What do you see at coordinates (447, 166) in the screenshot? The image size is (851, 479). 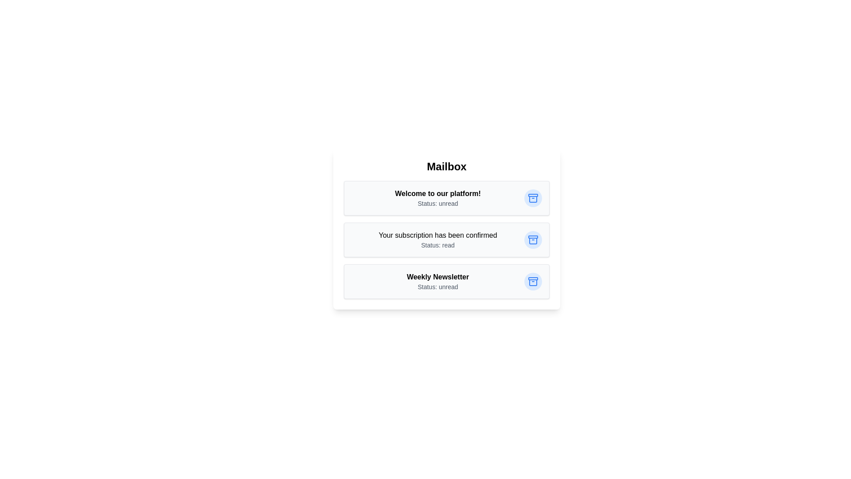 I see `the 'Mailbox' header to examine it` at bounding box center [447, 166].